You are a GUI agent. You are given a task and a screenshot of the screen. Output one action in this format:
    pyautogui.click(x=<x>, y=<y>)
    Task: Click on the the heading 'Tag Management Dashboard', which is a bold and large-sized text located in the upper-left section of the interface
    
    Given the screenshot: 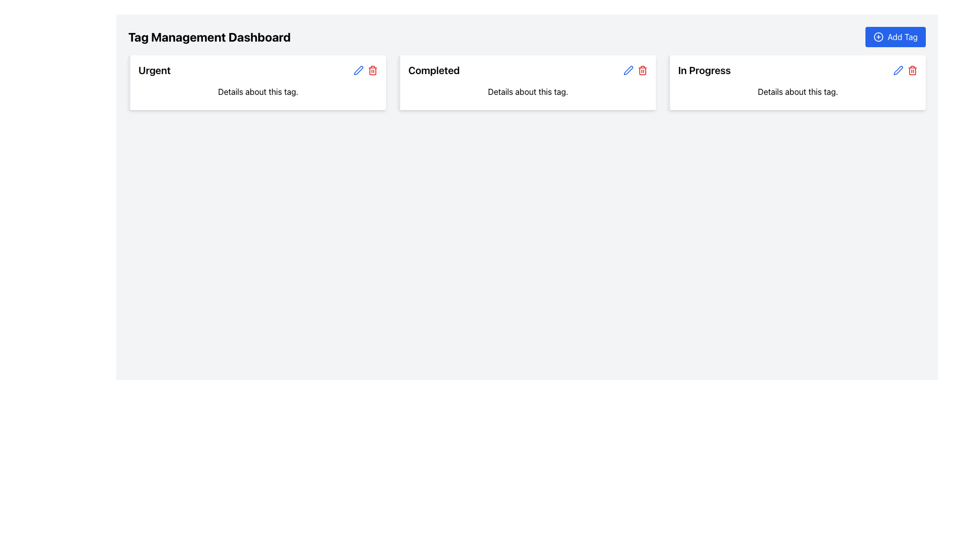 What is the action you would take?
    pyautogui.click(x=208, y=37)
    